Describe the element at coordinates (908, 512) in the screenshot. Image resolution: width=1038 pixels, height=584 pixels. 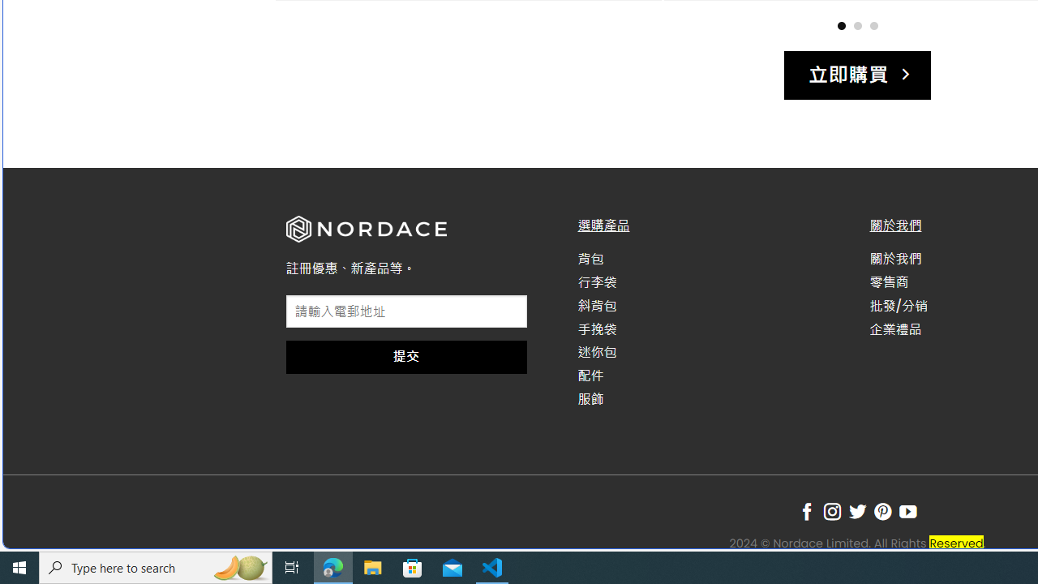
I see `'Follow on YouTube'` at that location.